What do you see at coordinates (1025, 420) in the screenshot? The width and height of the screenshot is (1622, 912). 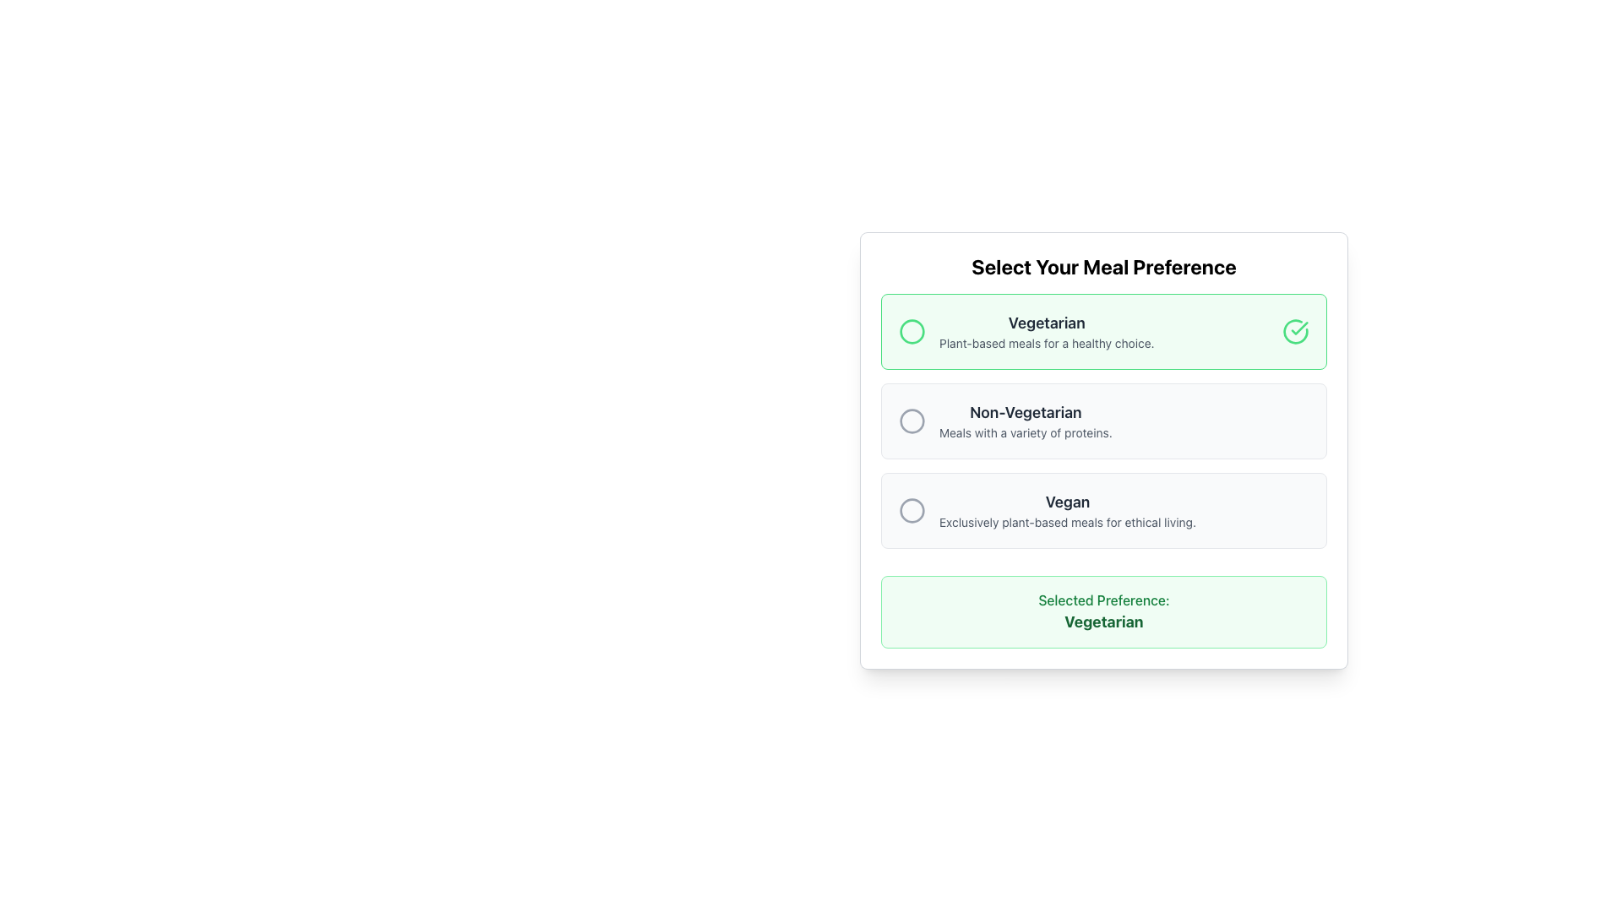 I see `text of the 'Non-Vegetarian' meal preference label located centrally between the 'Vegetarian' and 'Vegan' options in the meal preference list` at bounding box center [1025, 420].